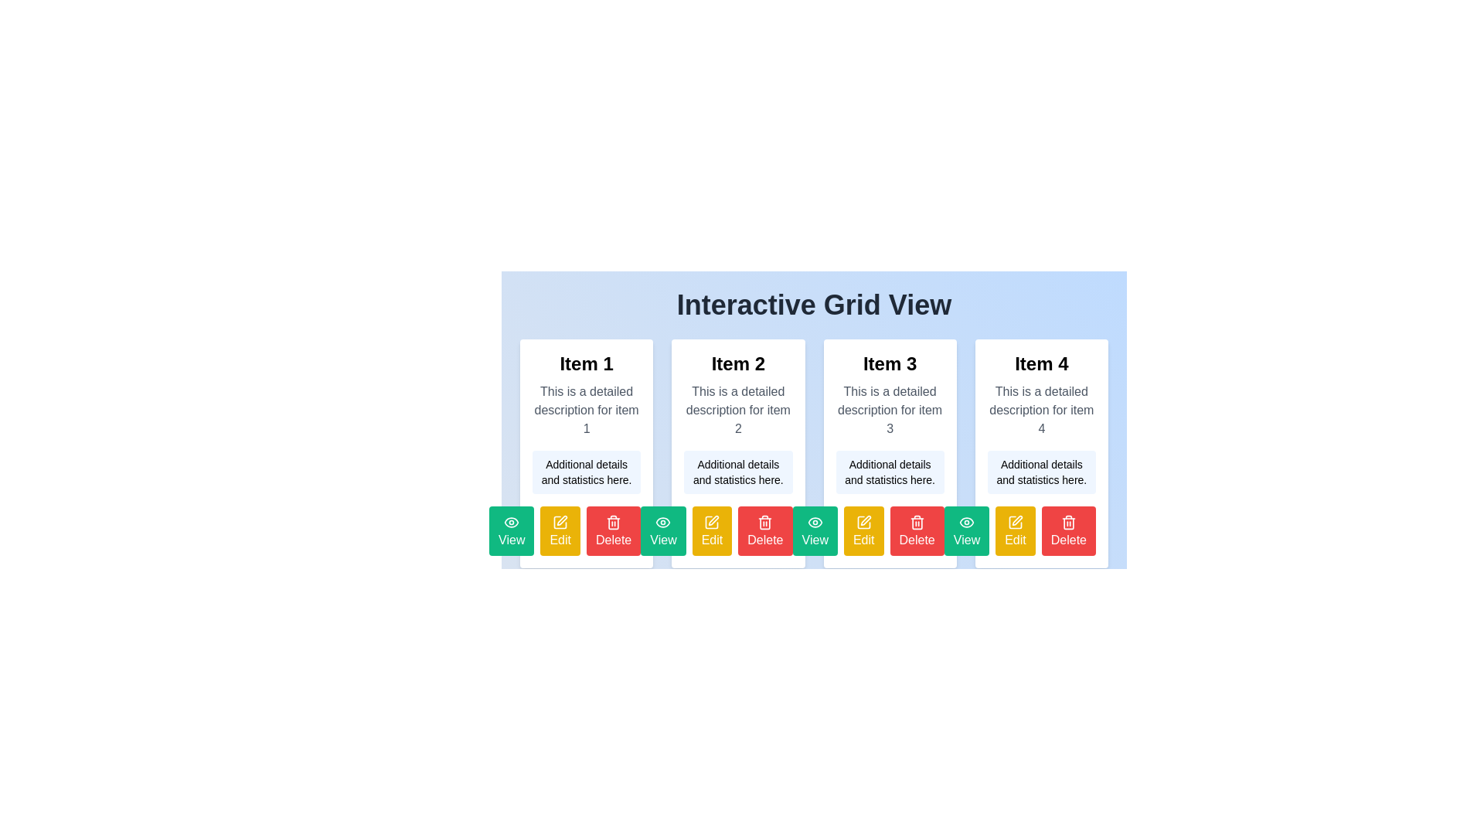 Image resolution: width=1484 pixels, height=835 pixels. Describe the element at coordinates (917, 530) in the screenshot. I see `the red 'Delete' button with rounded corners and a trash icon` at that location.